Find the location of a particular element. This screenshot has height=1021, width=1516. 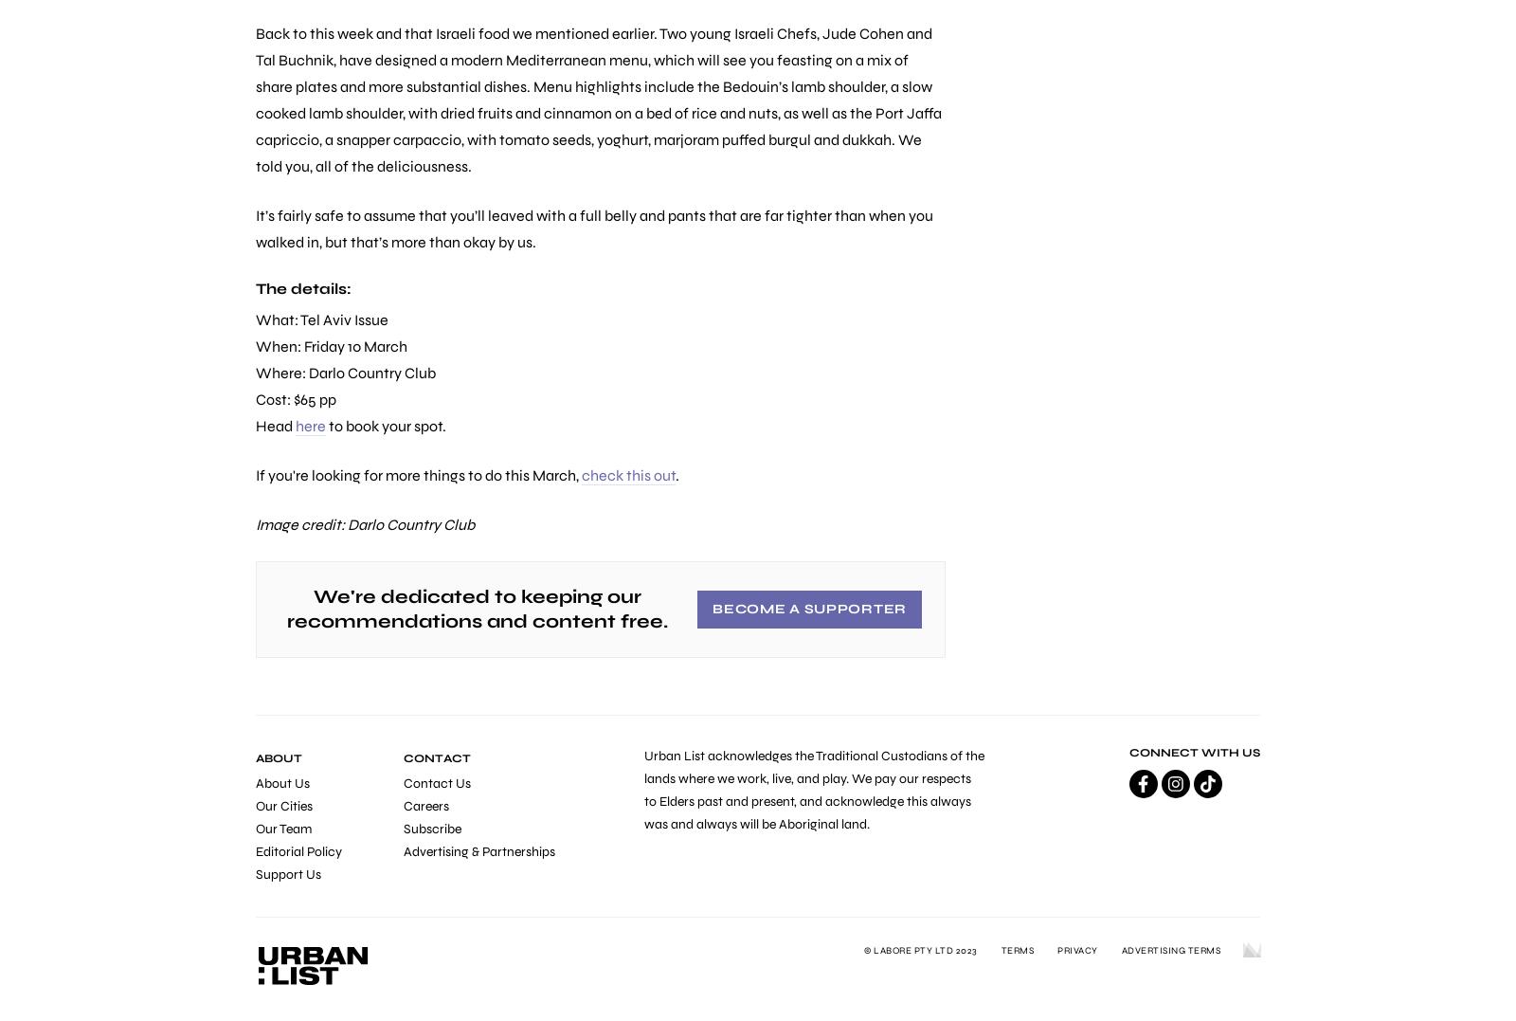

'Advertising & Partnerships' is located at coordinates (477, 851).